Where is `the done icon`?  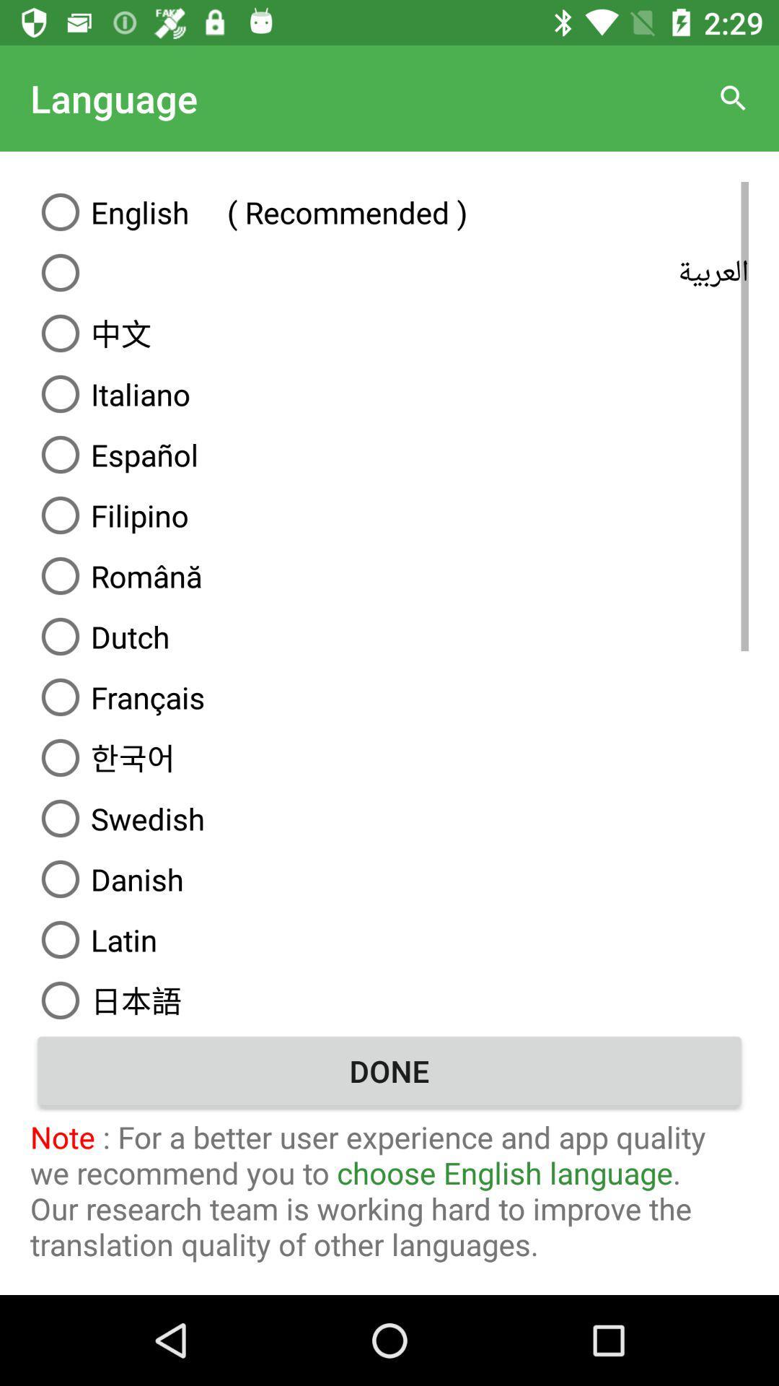 the done icon is located at coordinates (389, 1071).